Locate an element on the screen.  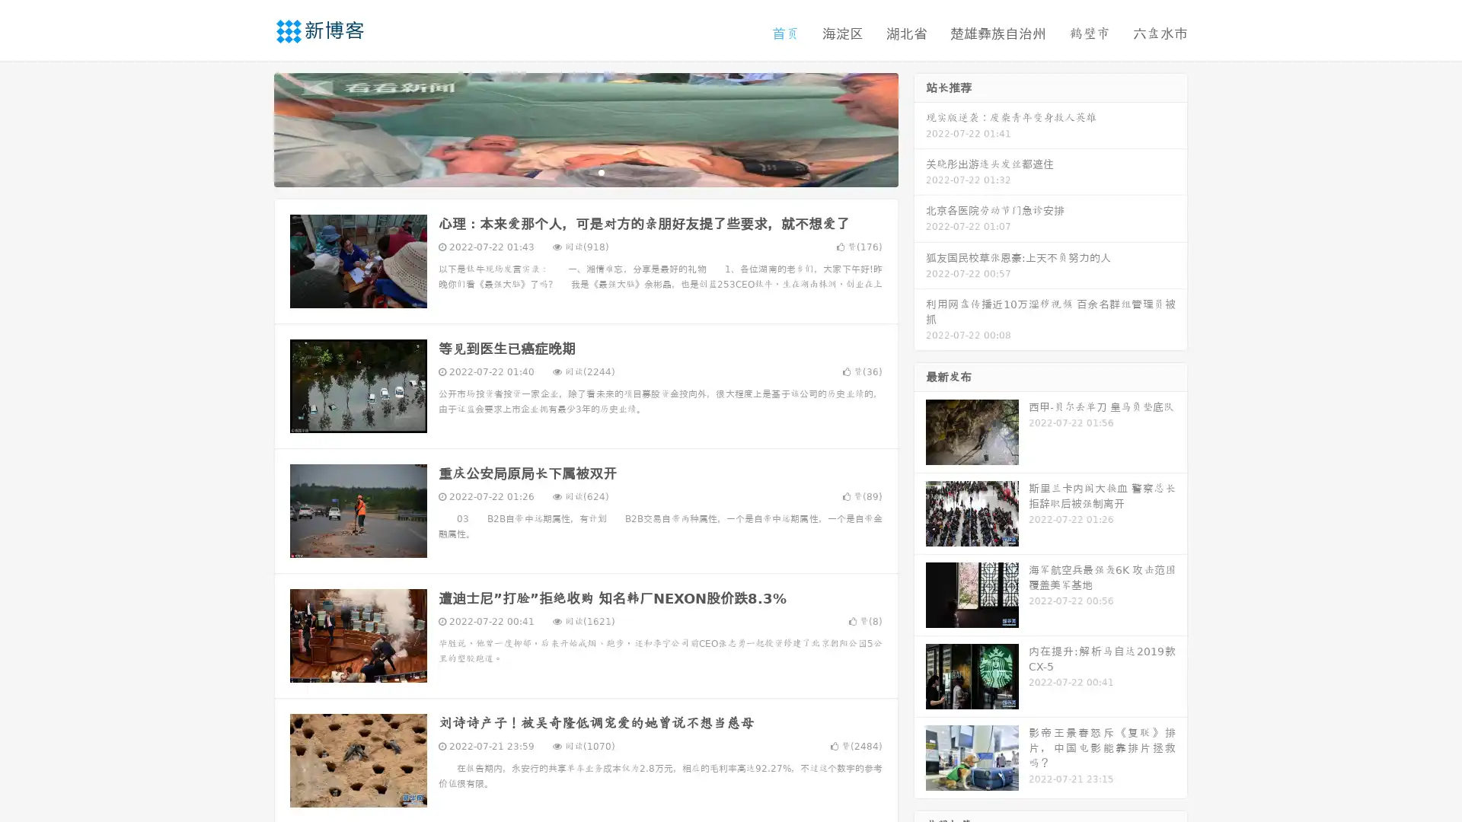
Go to slide 1 is located at coordinates (570, 171).